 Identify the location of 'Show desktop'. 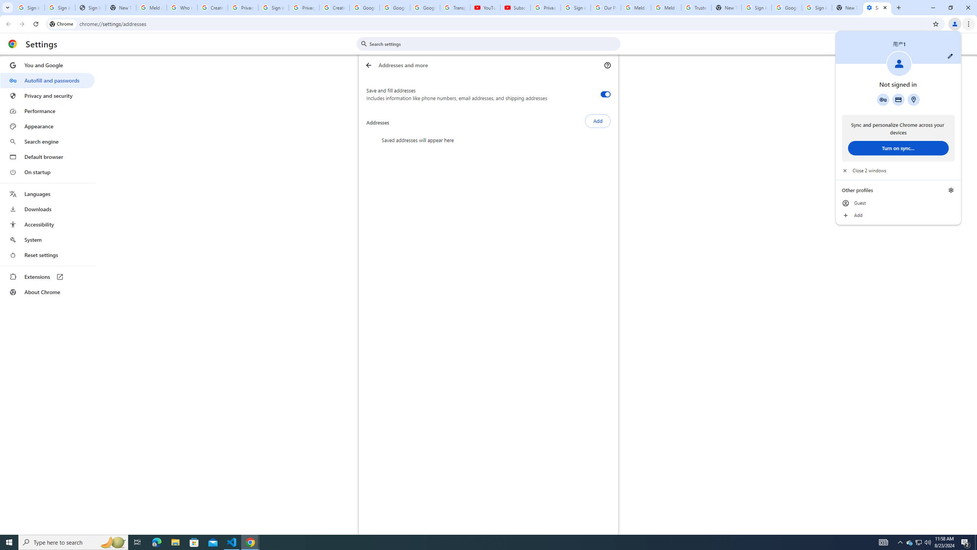
(975, 542).